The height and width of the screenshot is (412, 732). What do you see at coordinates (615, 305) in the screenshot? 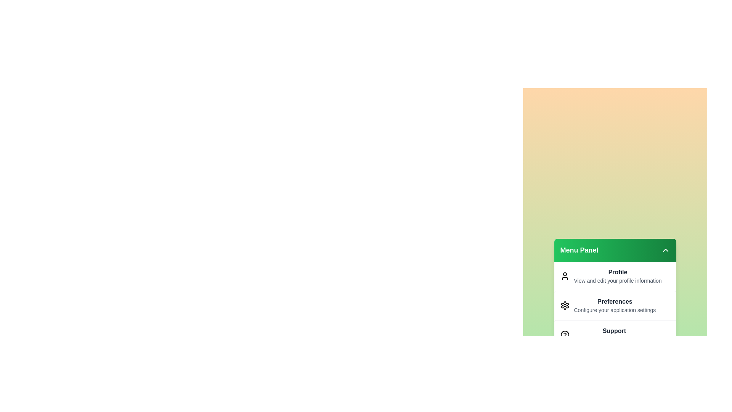
I see `the menu item Preferences from the menu panel` at bounding box center [615, 305].